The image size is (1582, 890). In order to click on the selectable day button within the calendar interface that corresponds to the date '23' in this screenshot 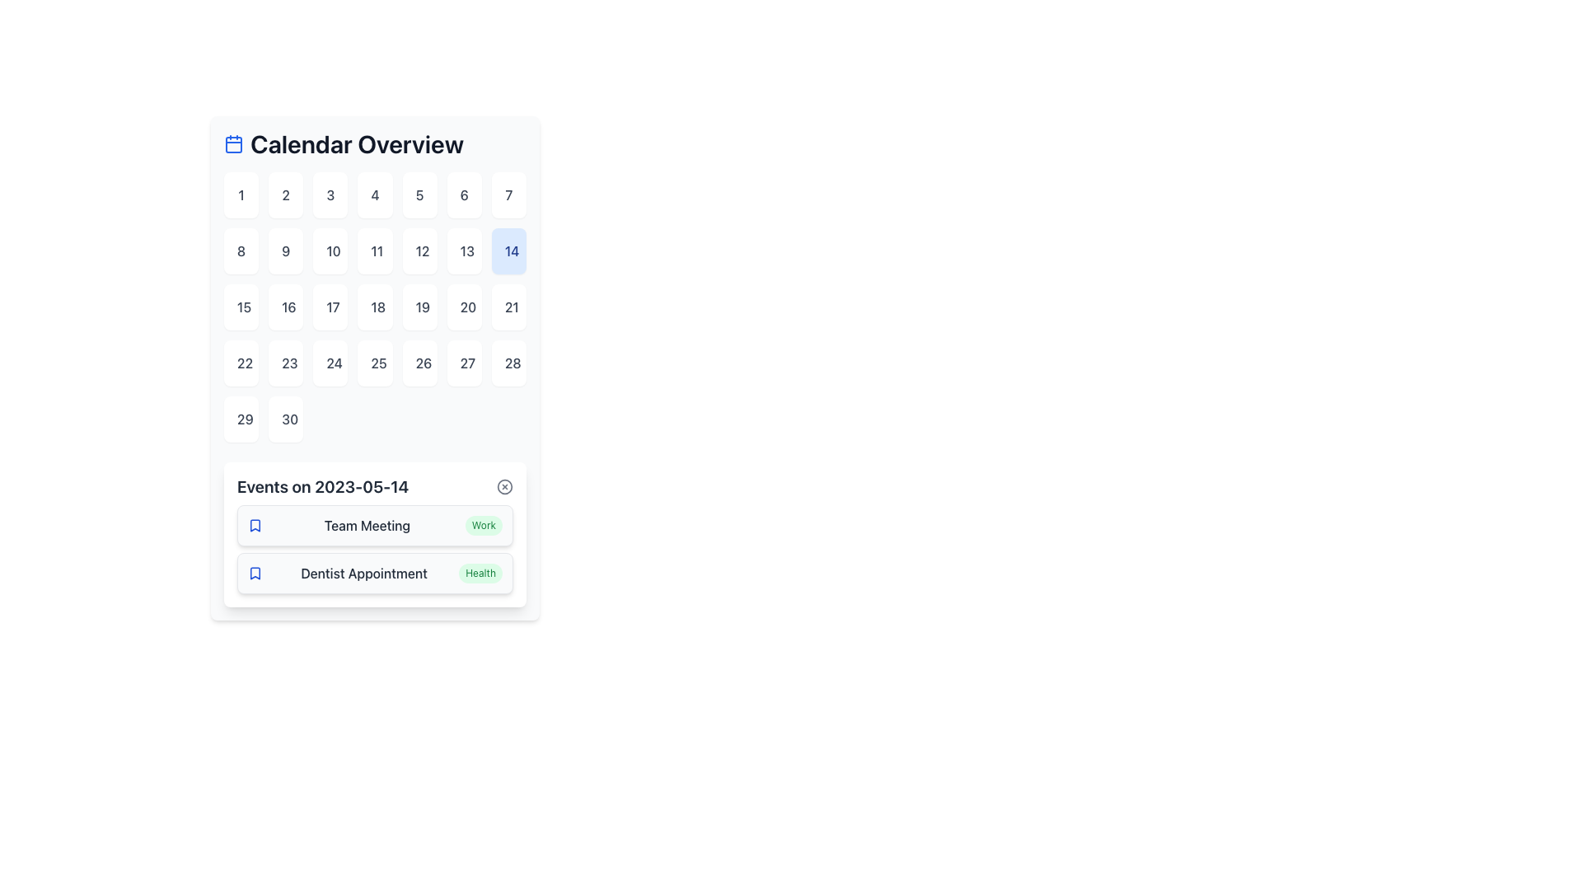, I will do `click(286, 362)`.